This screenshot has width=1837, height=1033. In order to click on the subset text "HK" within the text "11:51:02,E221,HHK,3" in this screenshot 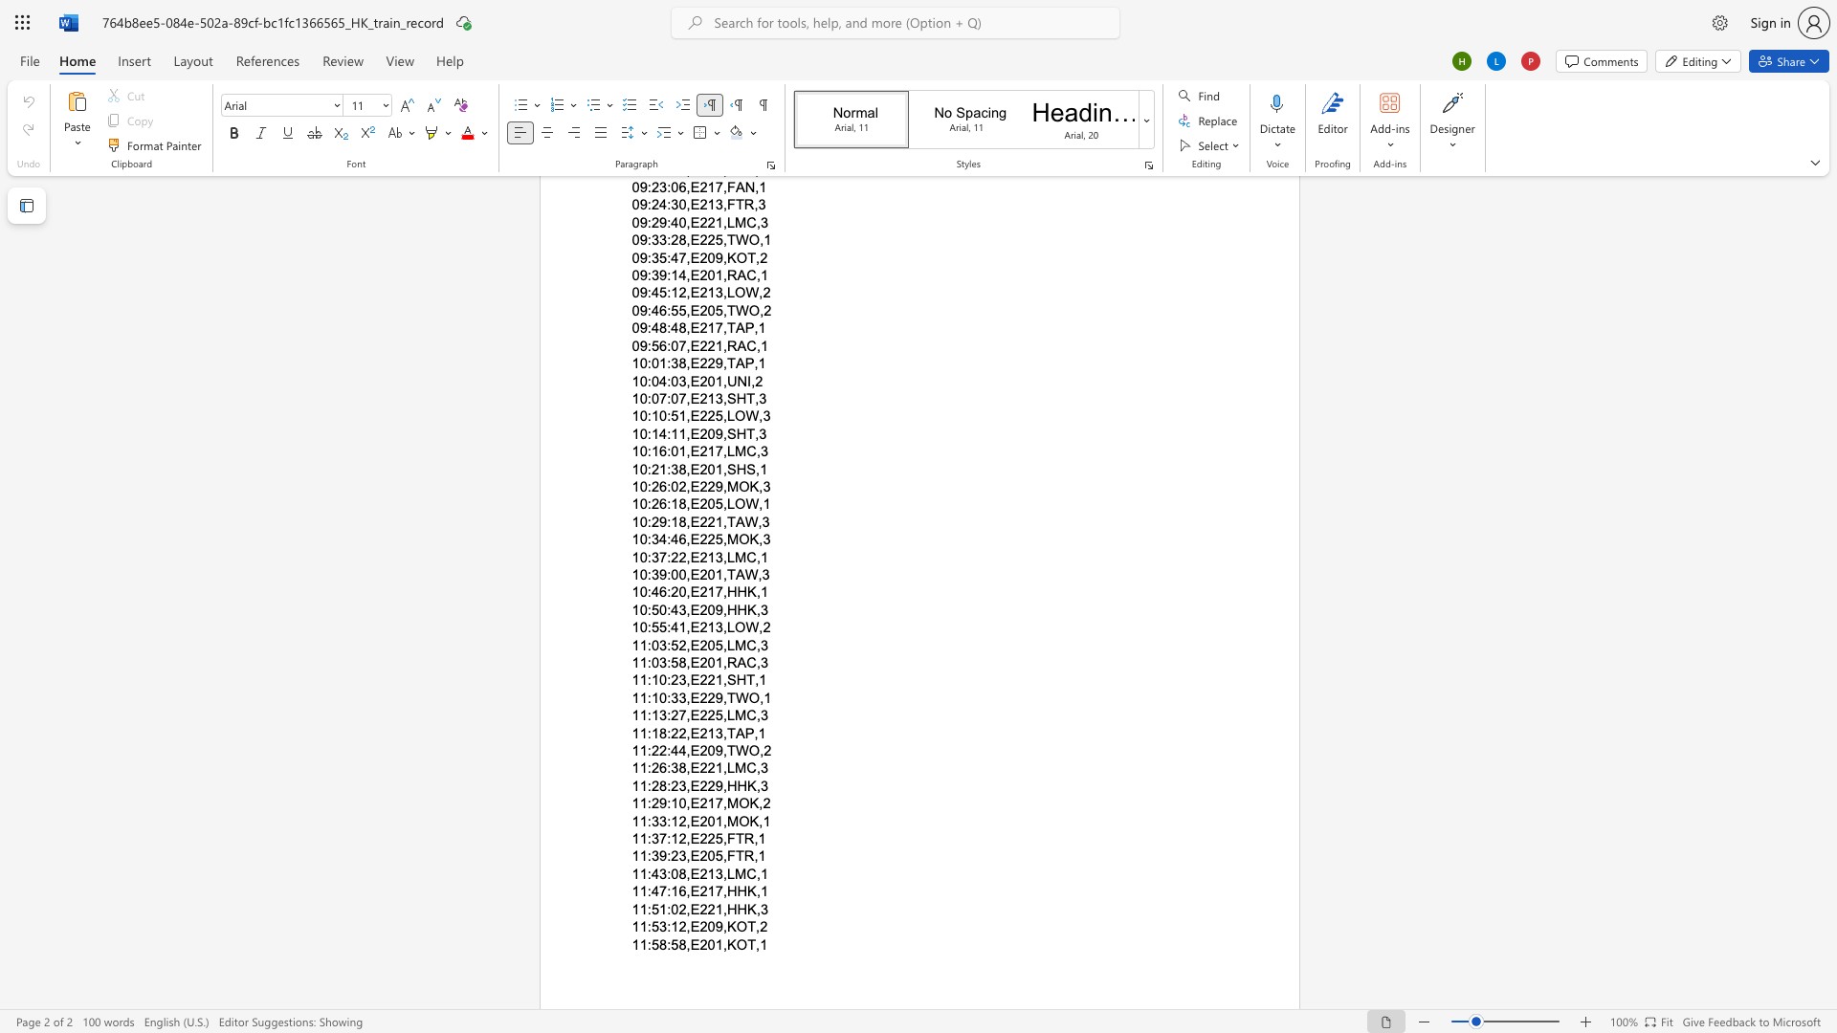, I will do `click(736, 908)`.